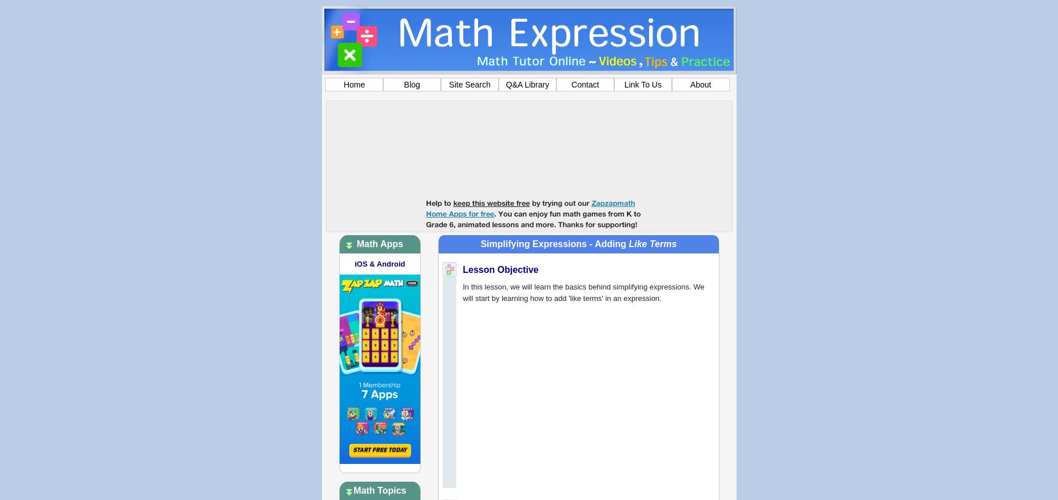  What do you see at coordinates (354, 84) in the screenshot?
I see `'Home'` at bounding box center [354, 84].